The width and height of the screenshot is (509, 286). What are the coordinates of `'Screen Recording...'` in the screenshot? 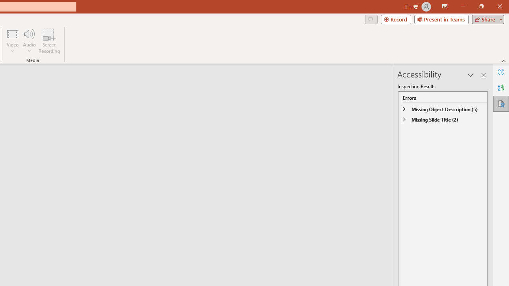 It's located at (49, 41).